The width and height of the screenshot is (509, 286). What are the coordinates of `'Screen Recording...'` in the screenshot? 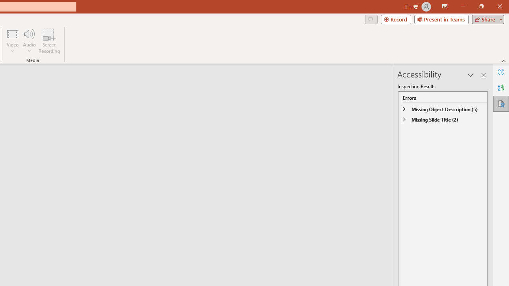 It's located at (49, 41).